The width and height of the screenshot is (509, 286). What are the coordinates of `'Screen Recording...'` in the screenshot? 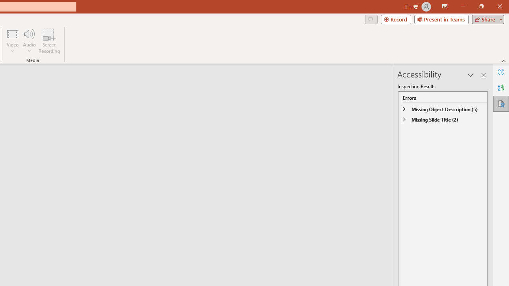 It's located at (49, 41).